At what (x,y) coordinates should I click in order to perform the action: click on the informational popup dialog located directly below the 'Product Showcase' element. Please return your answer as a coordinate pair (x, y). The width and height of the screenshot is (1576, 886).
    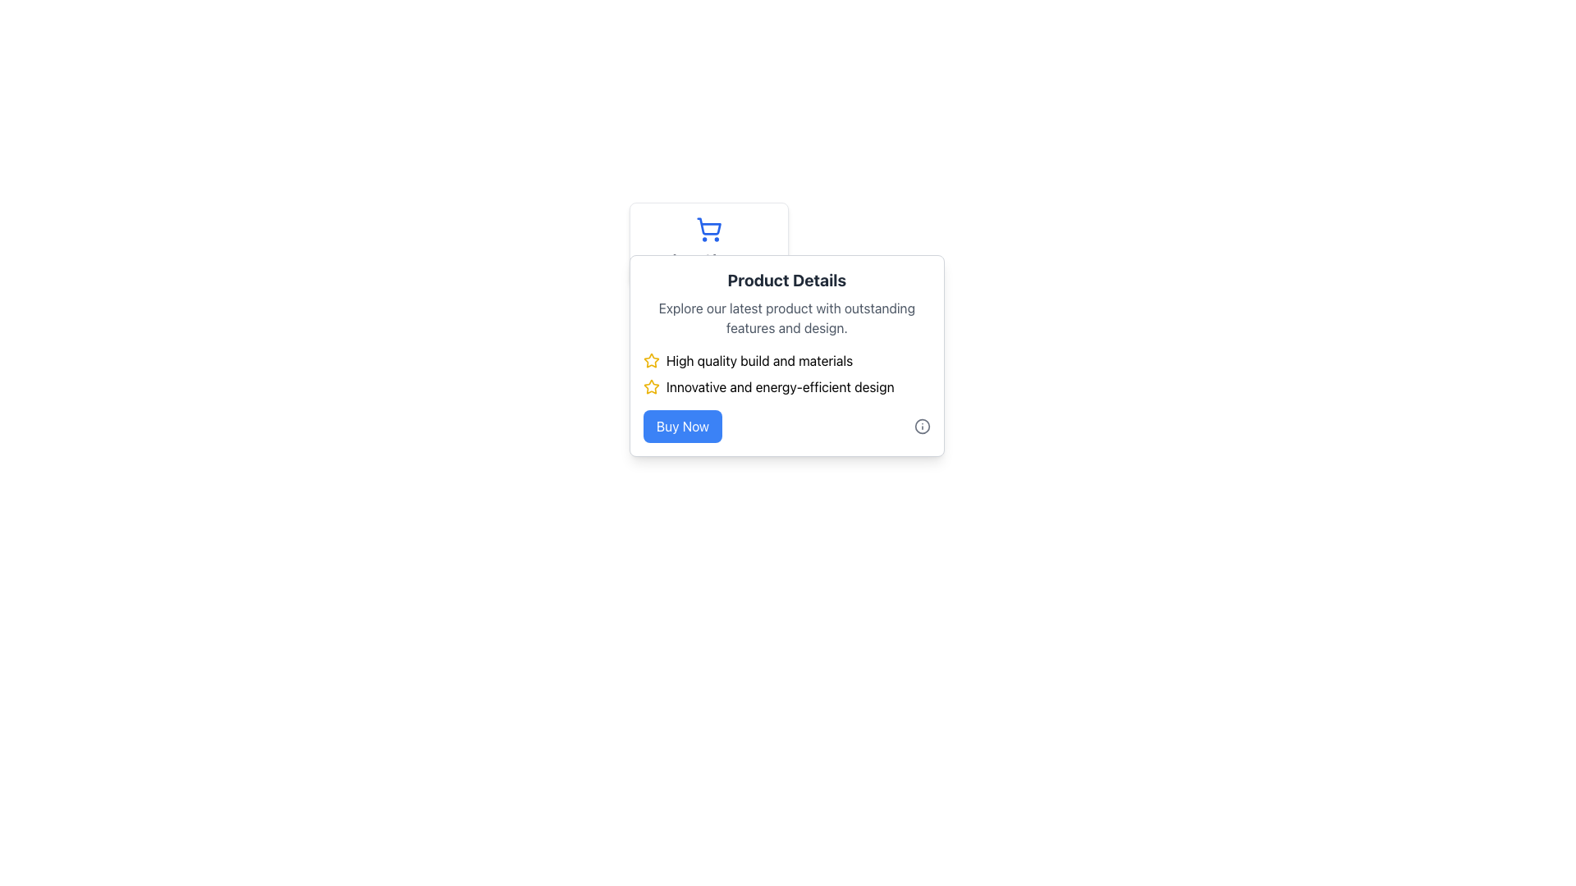
    Looking at the image, I should click on (786, 355).